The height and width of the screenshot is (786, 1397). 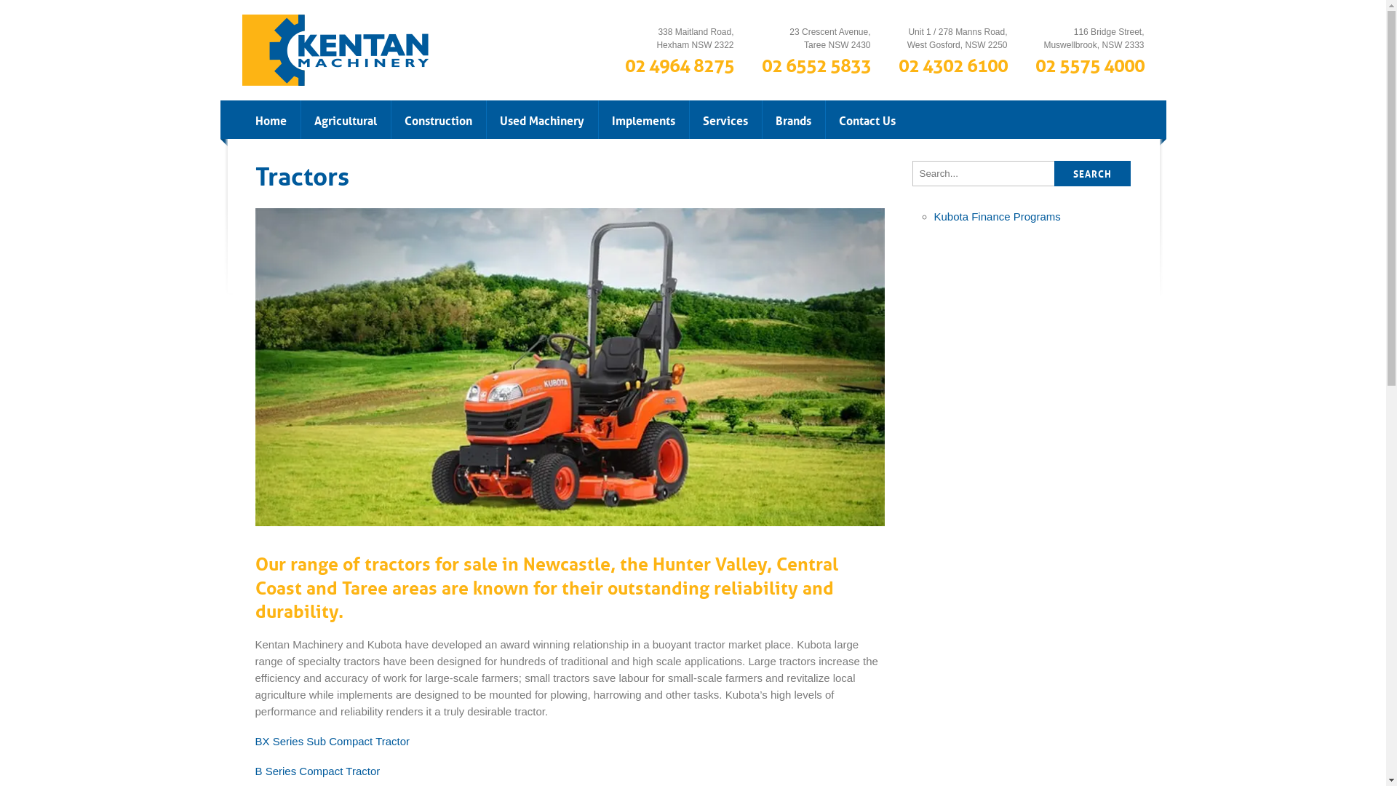 What do you see at coordinates (687, 119) in the screenshot?
I see `'Services'` at bounding box center [687, 119].